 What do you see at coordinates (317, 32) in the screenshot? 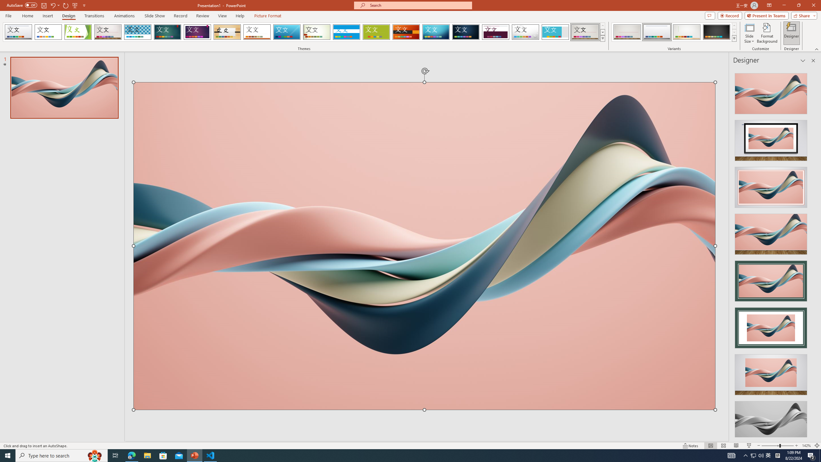
I see `'Wisp'` at bounding box center [317, 32].